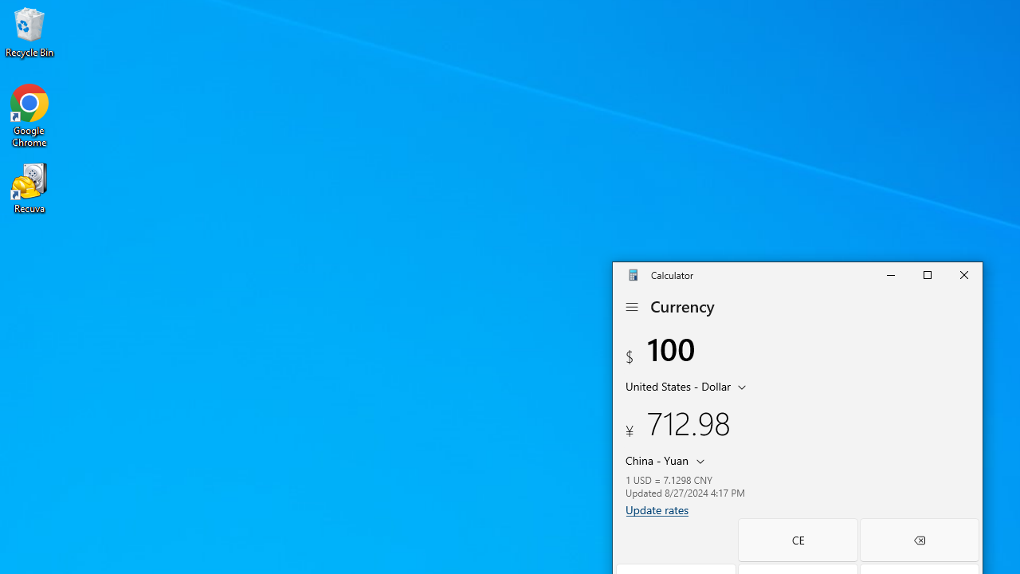 Image resolution: width=1020 pixels, height=574 pixels. I want to click on 'Close Calculator', so click(963, 273).